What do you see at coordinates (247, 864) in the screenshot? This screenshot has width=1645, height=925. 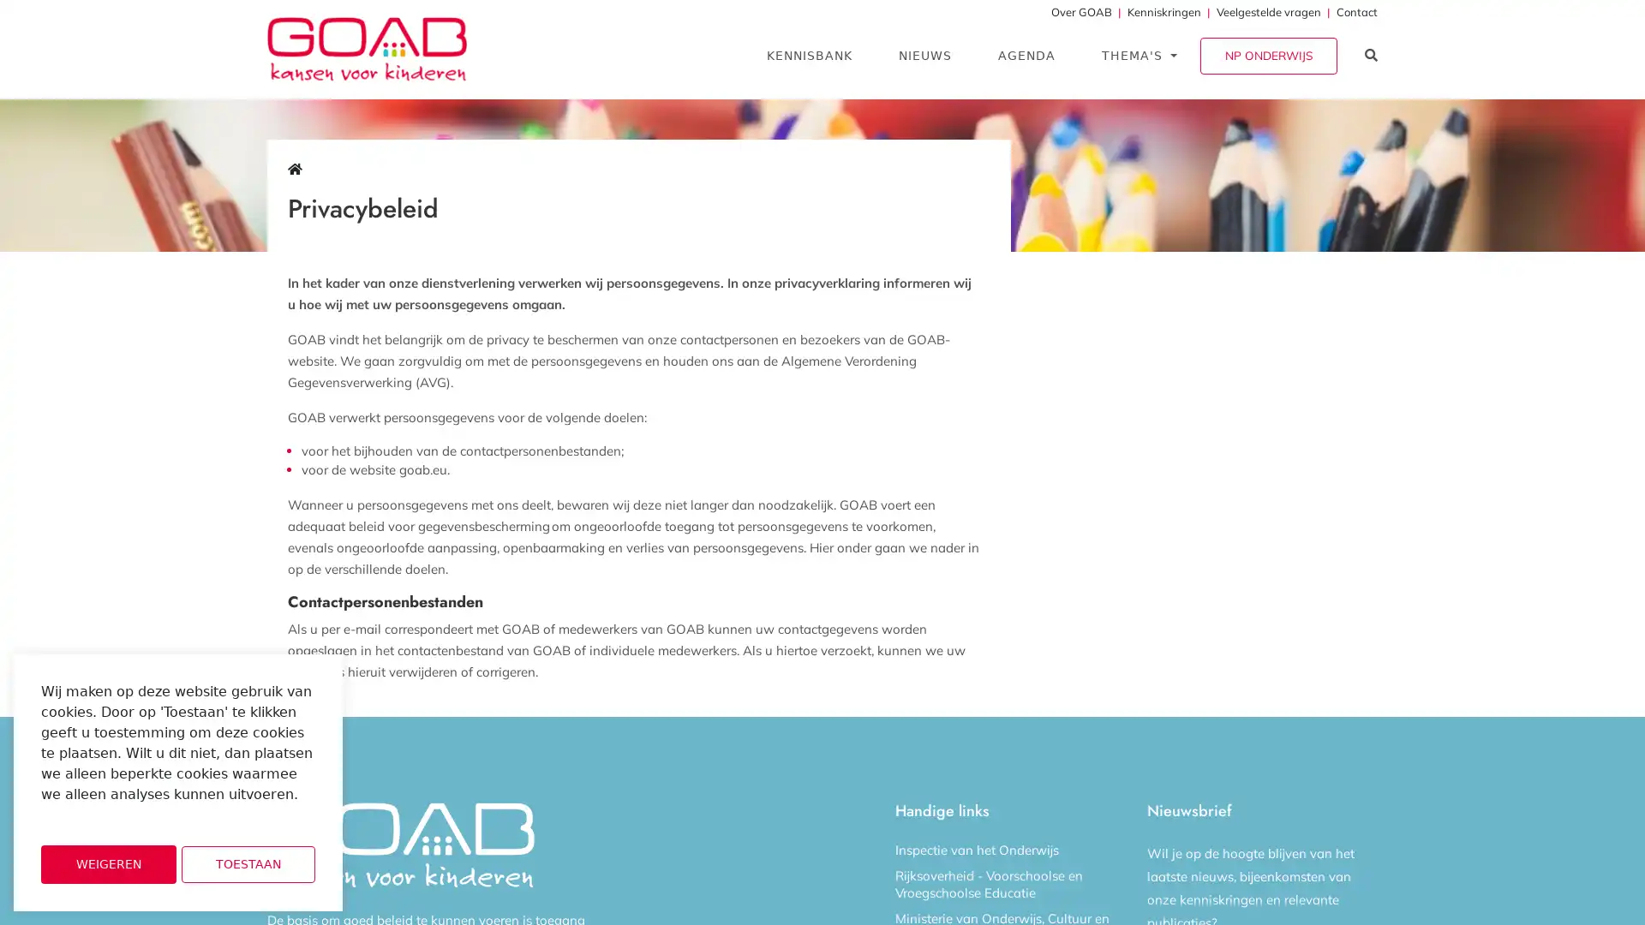 I see `allow cookies` at bounding box center [247, 864].